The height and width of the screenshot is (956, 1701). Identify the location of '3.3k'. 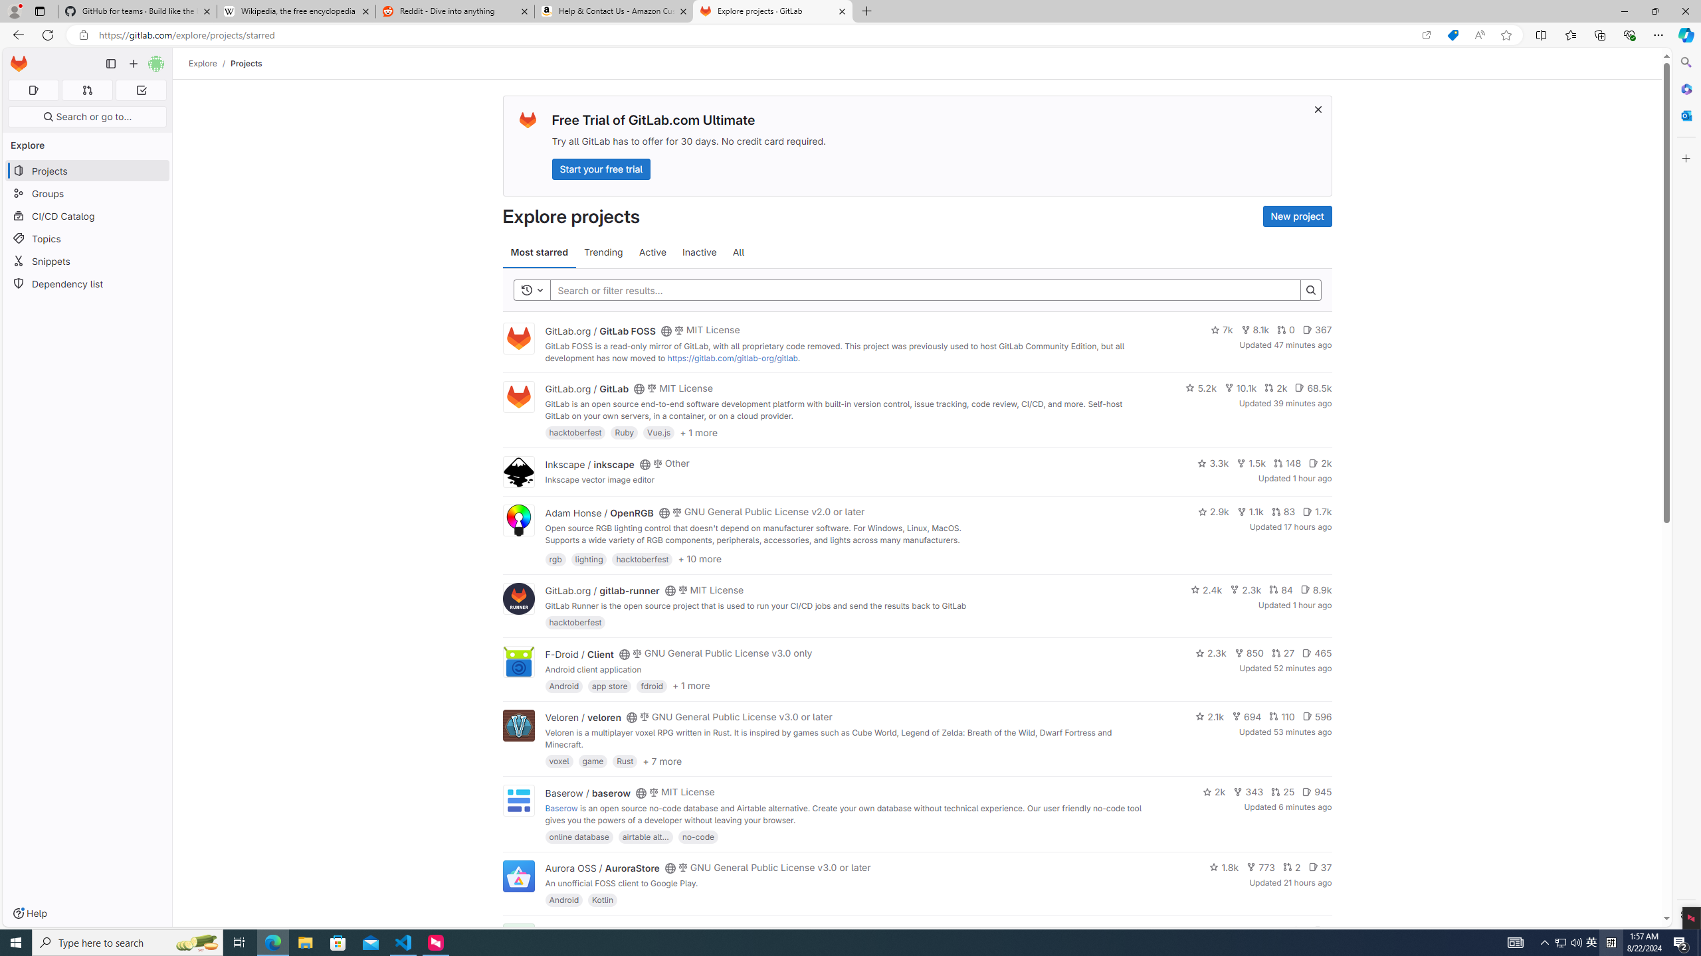
(1213, 463).